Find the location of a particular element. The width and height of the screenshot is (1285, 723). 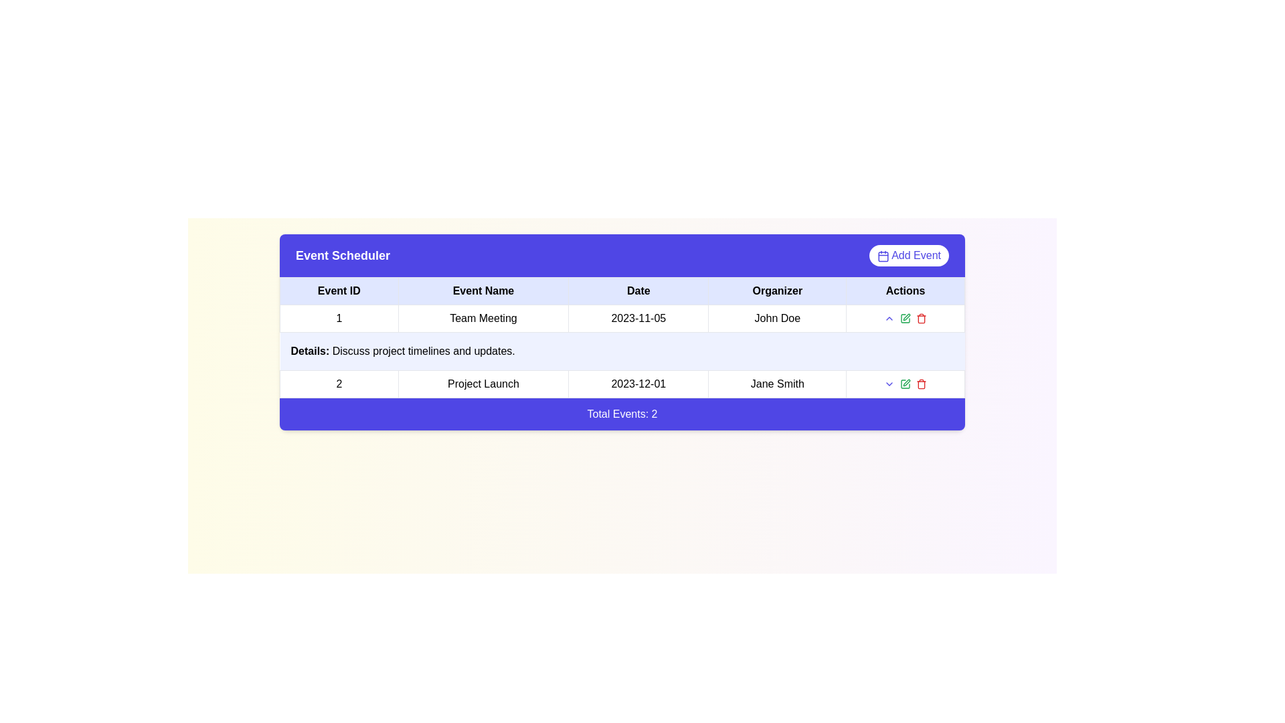

the green icon button representing a pen or edit action located in the 'Actions' section of the second row, centrally positioned among similar icons is located at coordinates (906, 384).